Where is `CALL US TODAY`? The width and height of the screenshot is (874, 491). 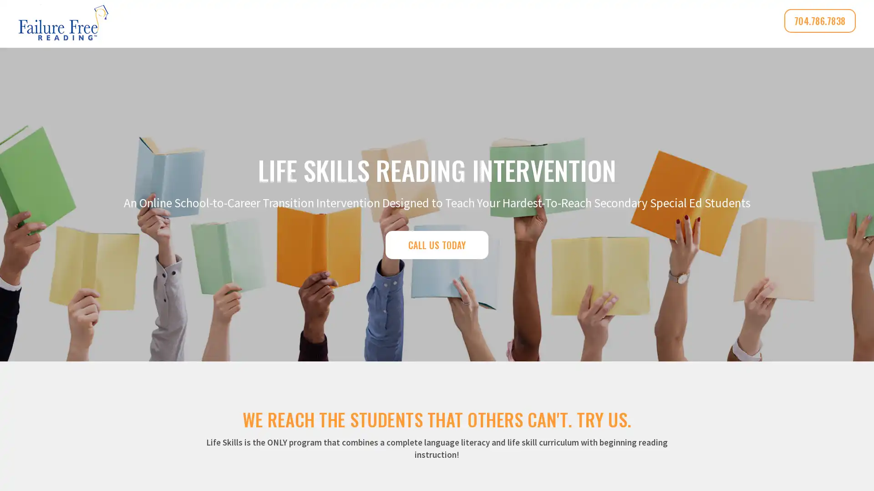
CALL US TODAY is located at coordinates (436, 244).